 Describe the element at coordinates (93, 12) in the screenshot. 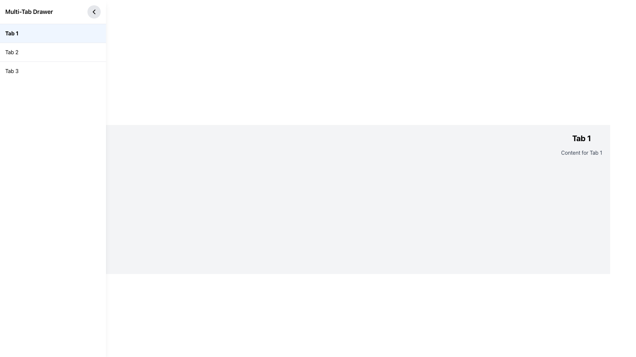

I see `the leftward navigation icon with a chevron, which is located near the top of the layout next to the 'Multi-Tab Drawer' label` at that location.